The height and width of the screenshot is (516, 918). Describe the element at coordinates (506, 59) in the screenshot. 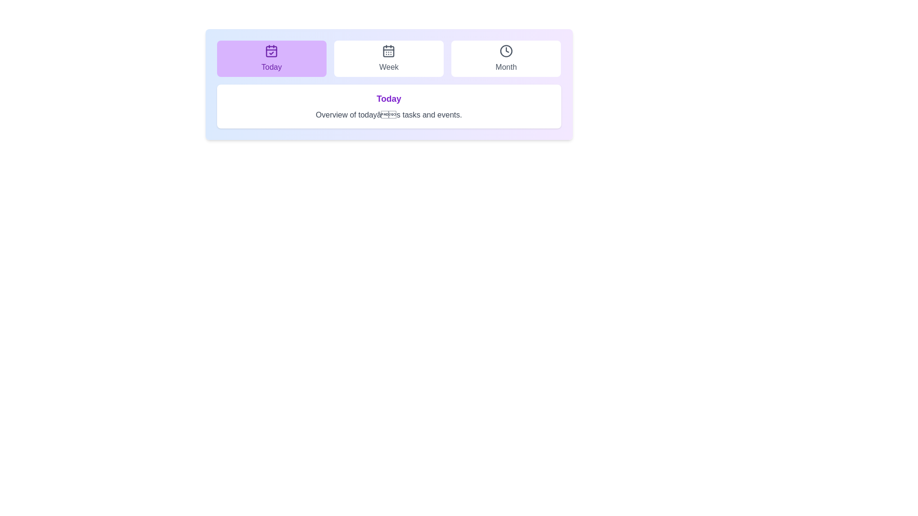

I see `the Month tab to view its hover effect` at that location.